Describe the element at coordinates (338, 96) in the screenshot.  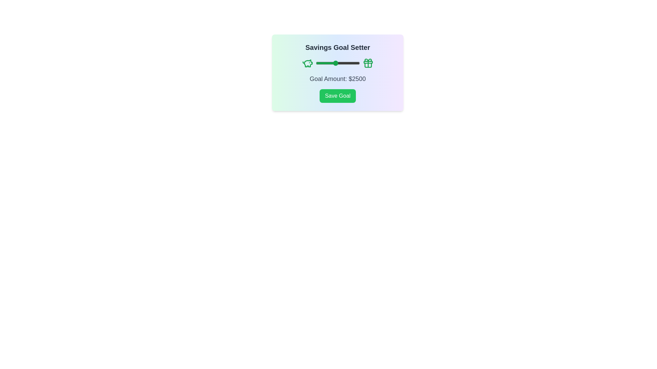
I see `the 'Save Goal' button` at that location.